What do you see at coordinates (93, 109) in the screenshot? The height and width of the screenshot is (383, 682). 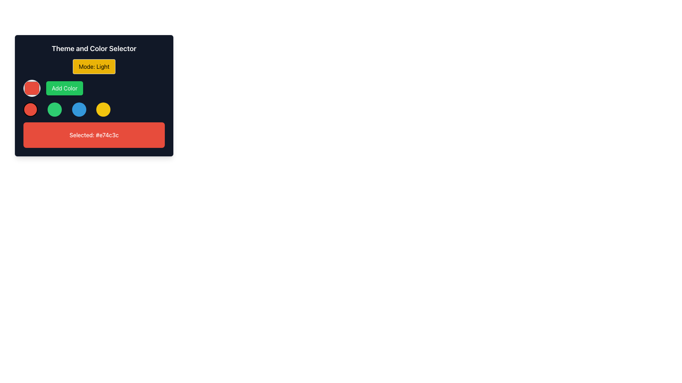 I see `the red circular button with a black border in the Grid layout of colored buttons` at bounding box center [93, 109].